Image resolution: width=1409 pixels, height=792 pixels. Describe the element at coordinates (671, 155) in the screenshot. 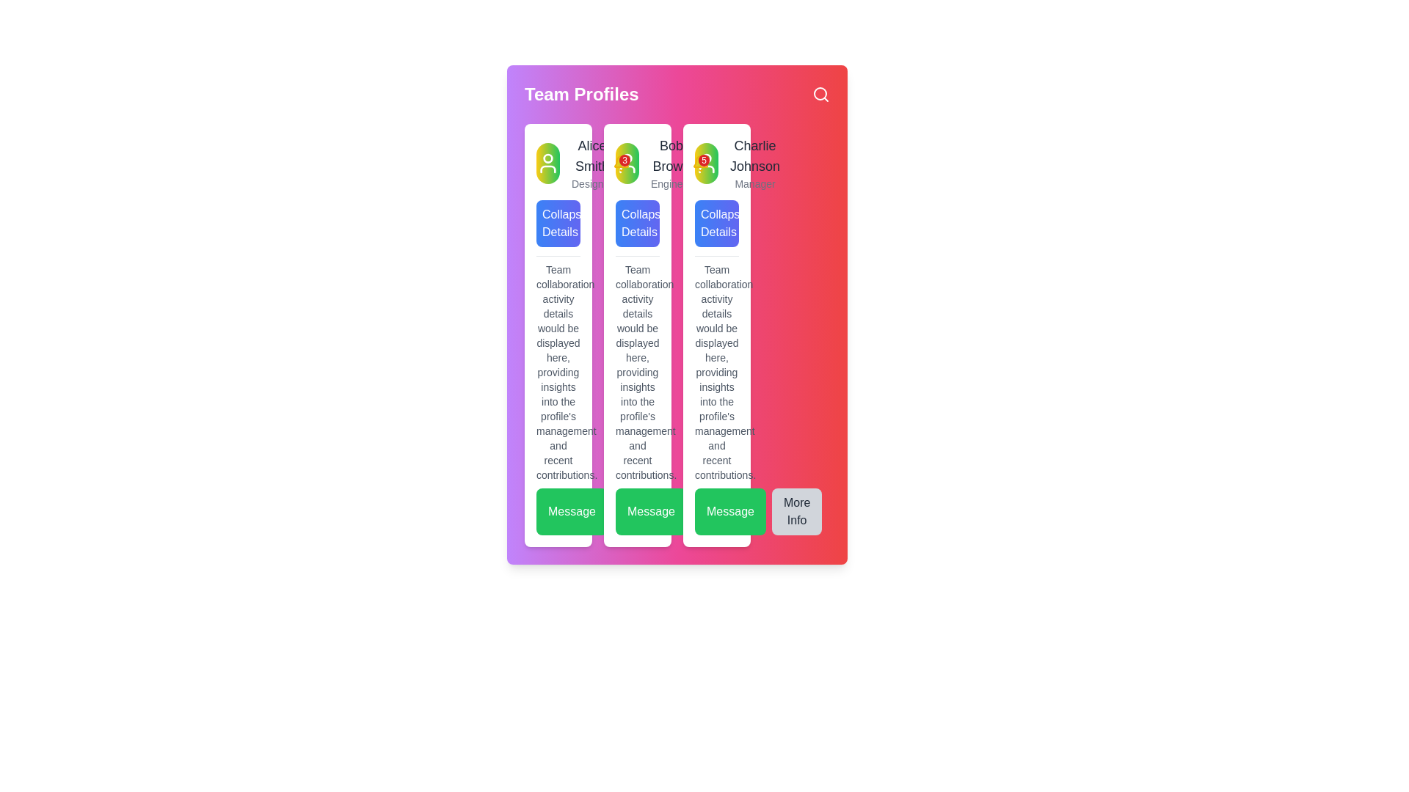

I see `the Text label that identifies the name of the user, which is located in the center column of the interface, positioned above the descriptor text 'Engineer'` at that location.